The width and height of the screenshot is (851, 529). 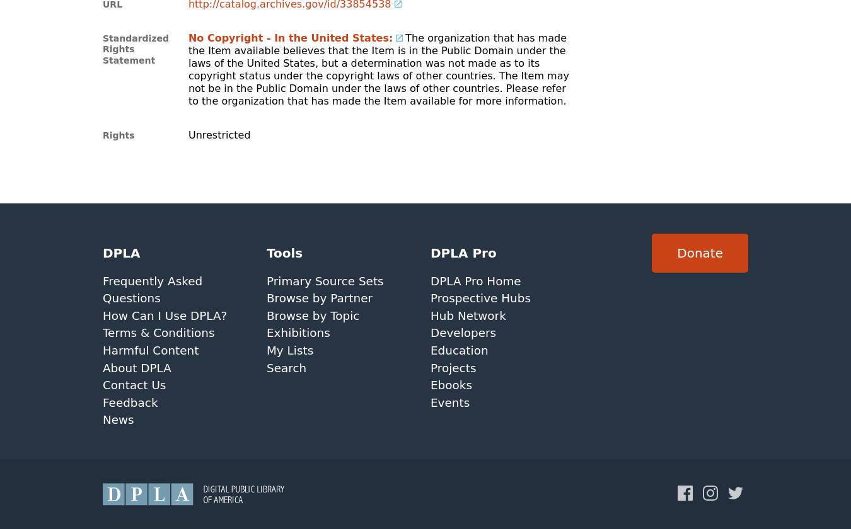 I want to click on 'Frequently Asked Questions', so click(x=152, y=288).